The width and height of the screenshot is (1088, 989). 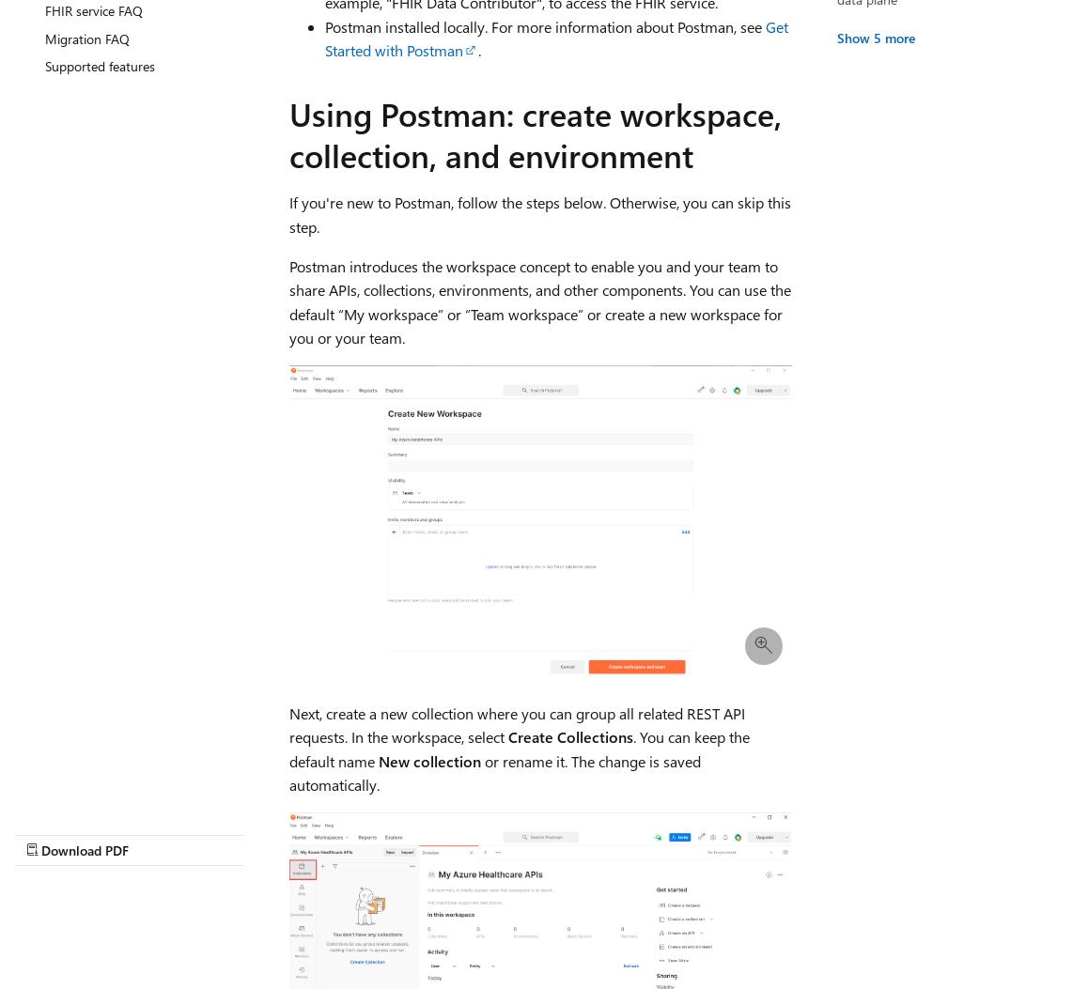 I want to click on 'Using Postman: create workspace, collection, and environment', so click(x=535, y=133).